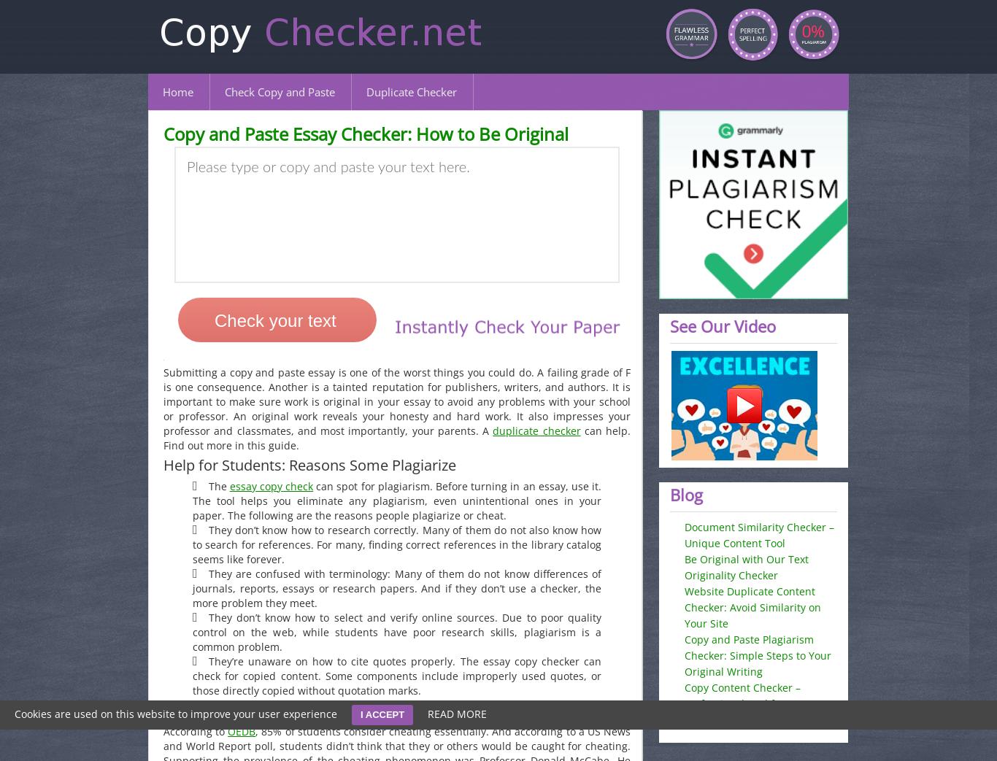 This screenshot has width=997, height=761. I want to click on 'Be Original with Our Text Originality Checker', so click(746, 566).